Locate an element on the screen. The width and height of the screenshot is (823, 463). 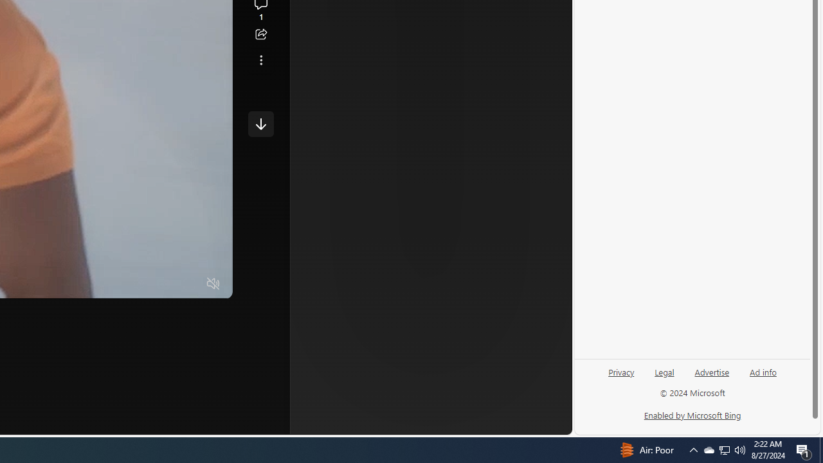
'Unmute' is located at coordinates (213, 284).